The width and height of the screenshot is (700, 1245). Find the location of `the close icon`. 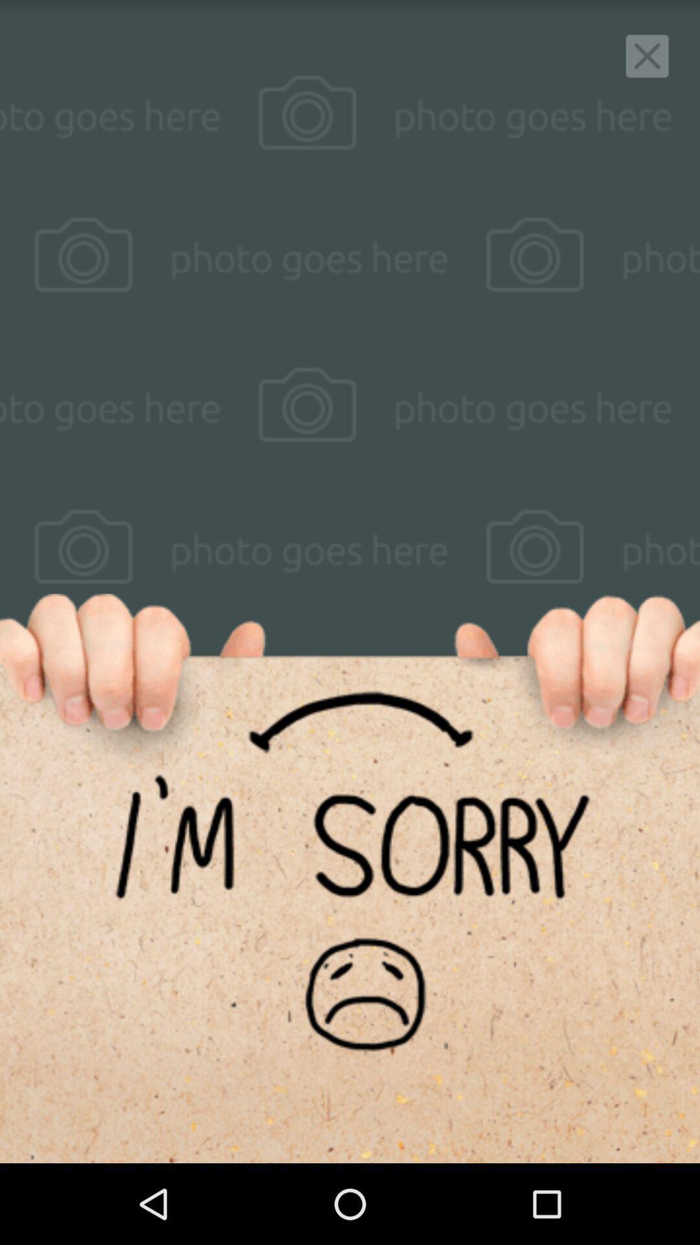

the close icon is located at coordinates (647, 59).